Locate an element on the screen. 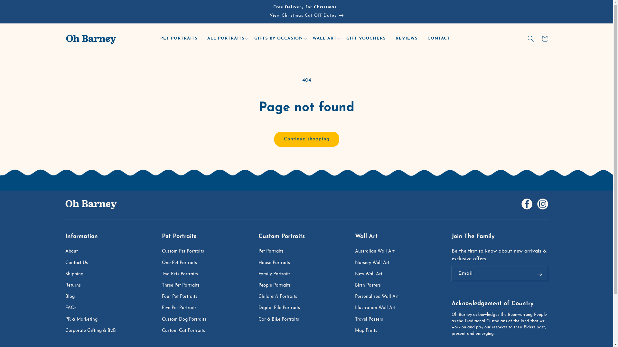  'Car & Bike Portraits' is located at coordinates (281, 319).